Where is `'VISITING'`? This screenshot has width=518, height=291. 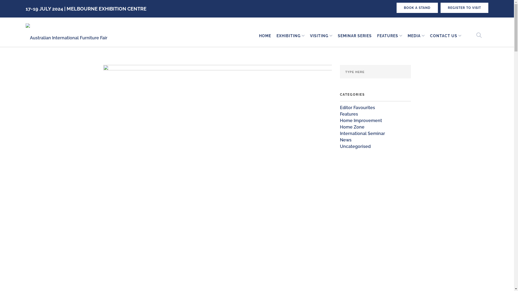
'VISITING' is located at coordinates (319, 36).